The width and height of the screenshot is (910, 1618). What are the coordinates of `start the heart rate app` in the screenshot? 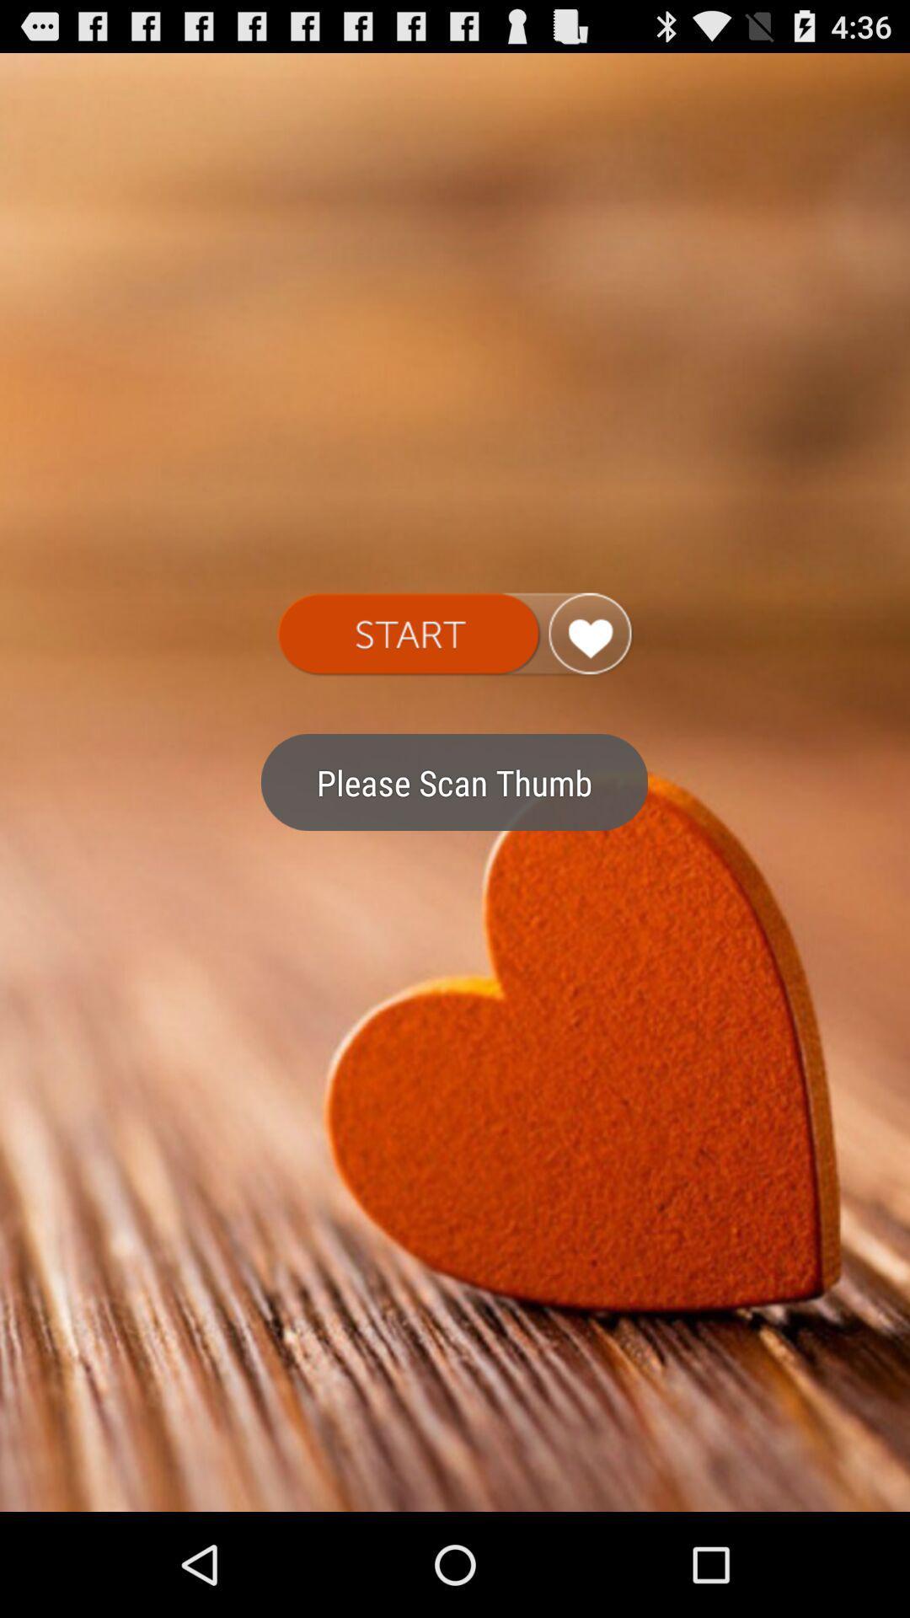 It's located at (453, 634).